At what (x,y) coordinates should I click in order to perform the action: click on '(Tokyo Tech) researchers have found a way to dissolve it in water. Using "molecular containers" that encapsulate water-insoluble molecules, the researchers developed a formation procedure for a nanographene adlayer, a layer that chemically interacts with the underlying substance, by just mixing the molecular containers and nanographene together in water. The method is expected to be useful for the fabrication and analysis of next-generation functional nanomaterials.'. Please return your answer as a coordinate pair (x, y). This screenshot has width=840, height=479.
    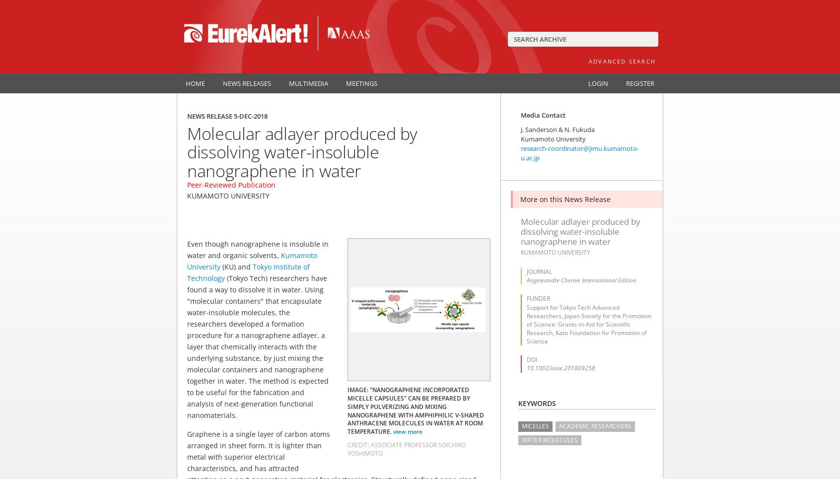
    Looking at the image, I should click on (258, 346).